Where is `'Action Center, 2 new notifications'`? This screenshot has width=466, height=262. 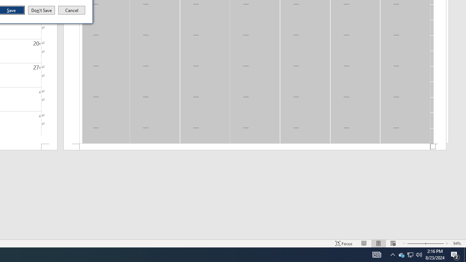
'Action Center, 2 new notifications' is located at coordinates (455, 254).